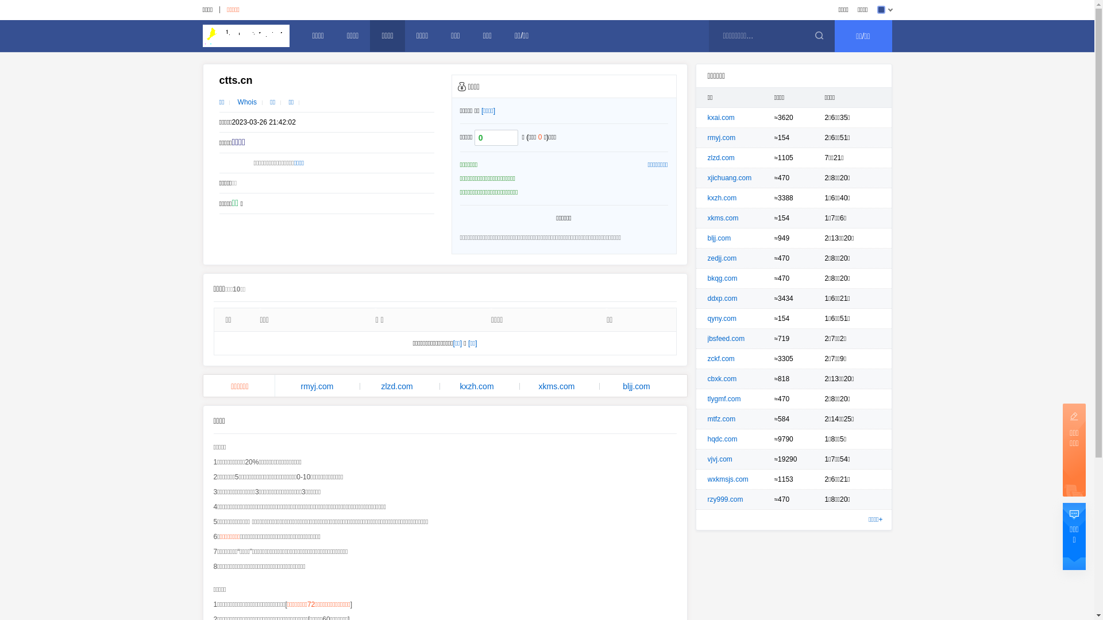 The width and height of the screenshot is (1103, 620). What do you see at coordinates (724, 499) in the screenshot?
I see `'rzy999.com'` at bounding box center [724, 499].